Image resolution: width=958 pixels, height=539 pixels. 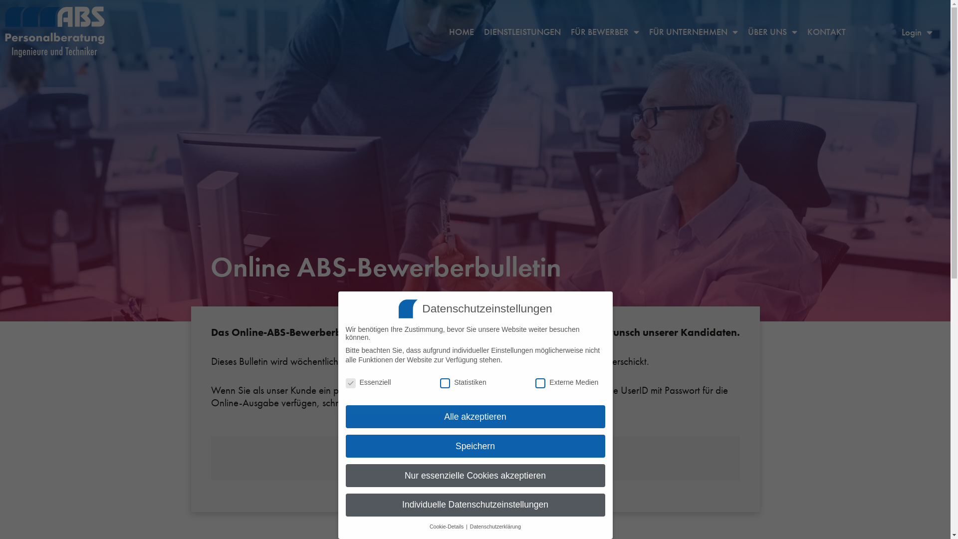 I want to click on 'DIENSTLEISTUNGEN', so click(x=521, y=31).